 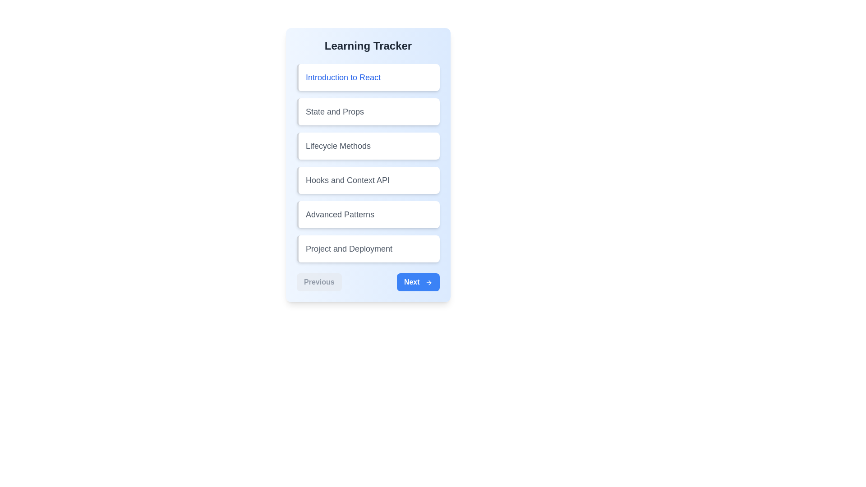 What do you see at coordinates (319, 281) in the screenshot?
I see `the 'Previous' button to navigate to the previous lesson` at bounding box center [319, 281].